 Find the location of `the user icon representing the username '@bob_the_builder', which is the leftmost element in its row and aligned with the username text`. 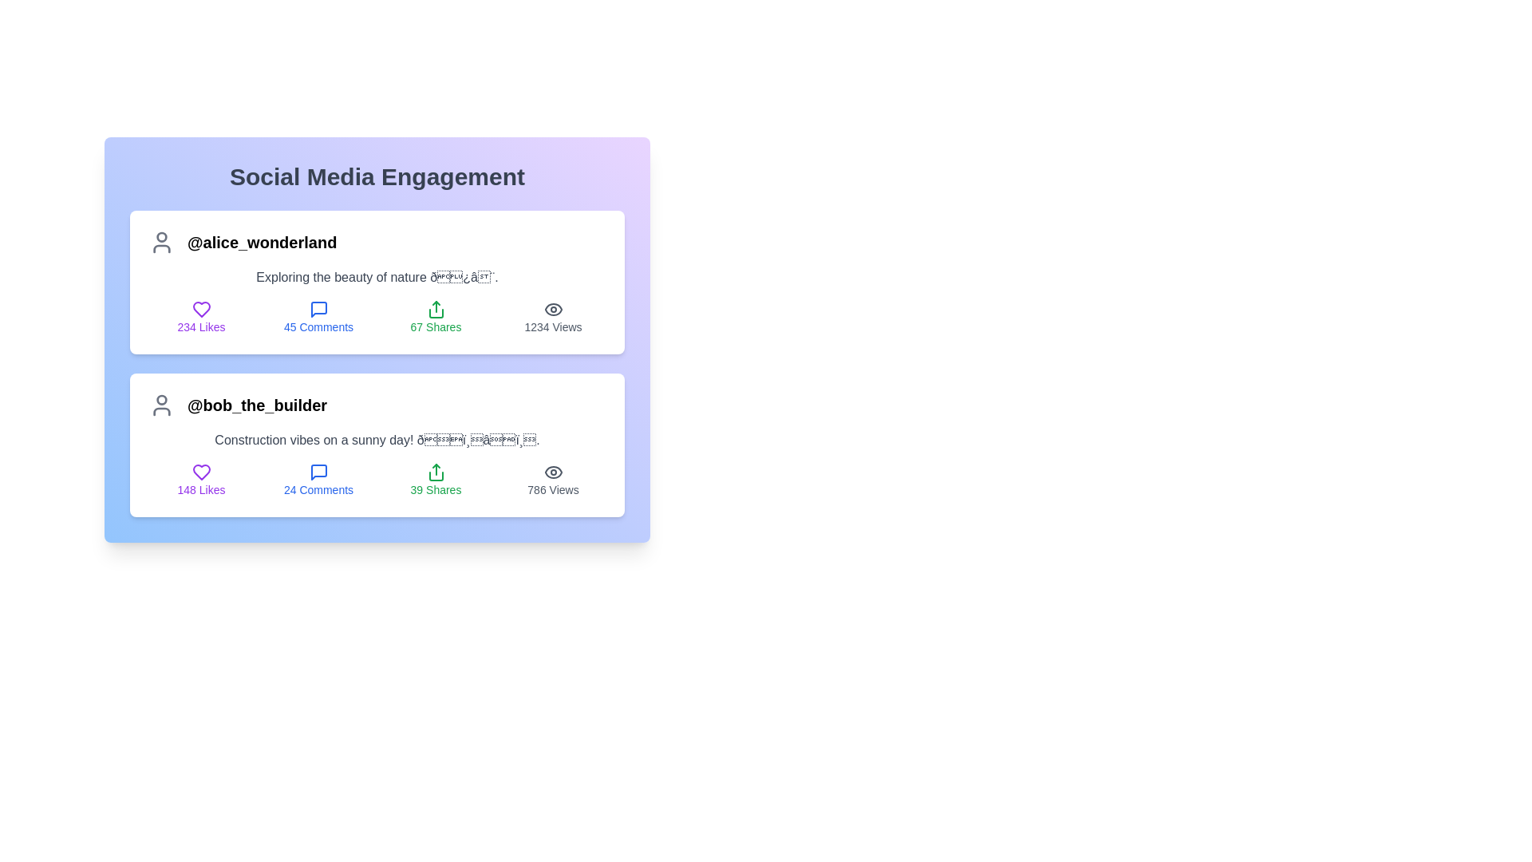

the user icon representing the username '@bob_the_builder', which is the leftmost element in its row and aligned with the username text is located at coordinates (161, 405).